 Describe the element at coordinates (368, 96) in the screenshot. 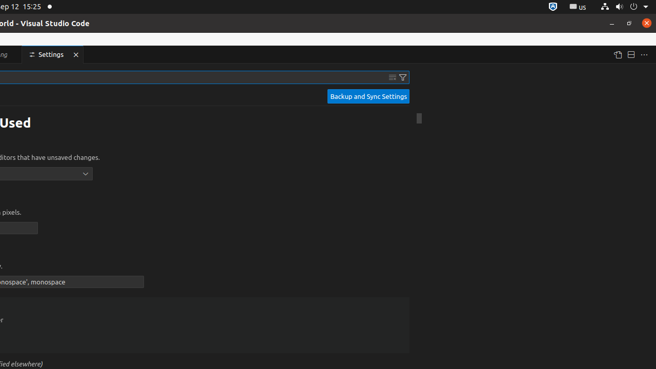

I see `'Backup and Sync Settings'` at that location.